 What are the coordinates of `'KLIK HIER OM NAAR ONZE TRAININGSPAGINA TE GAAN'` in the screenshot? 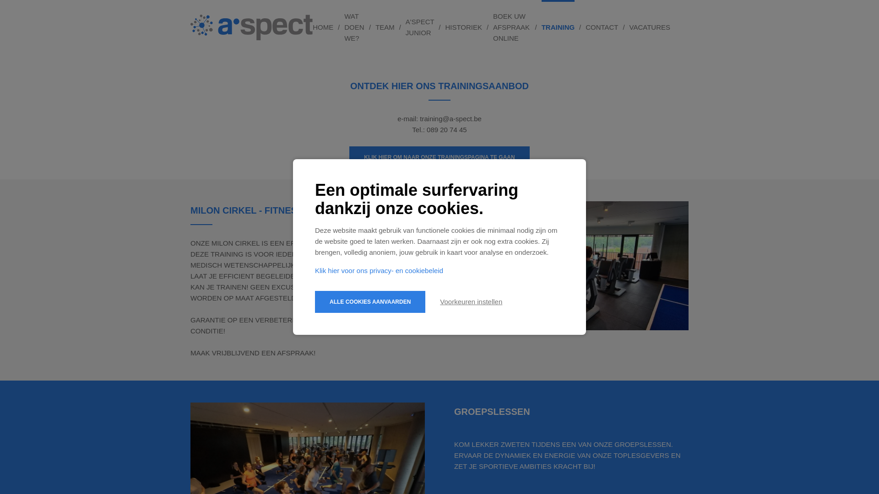 It's located at (439, 156).